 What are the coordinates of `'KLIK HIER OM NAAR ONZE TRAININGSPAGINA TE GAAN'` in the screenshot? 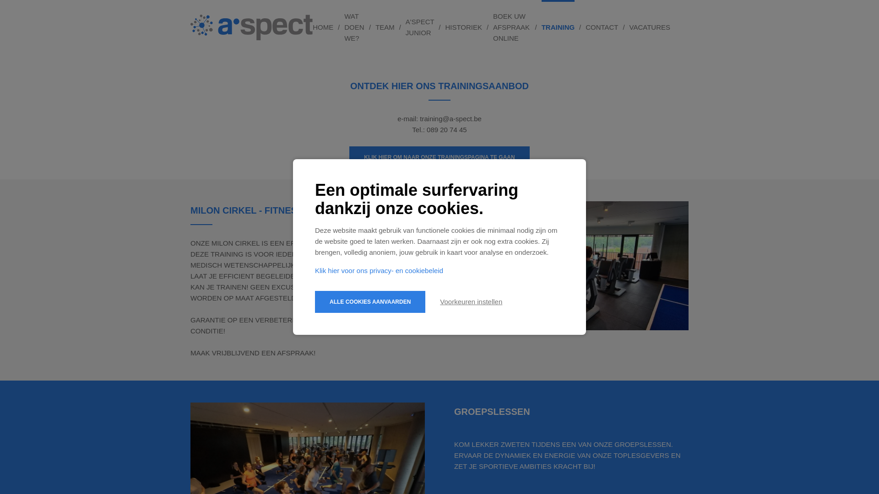 It's located at (439, 156).